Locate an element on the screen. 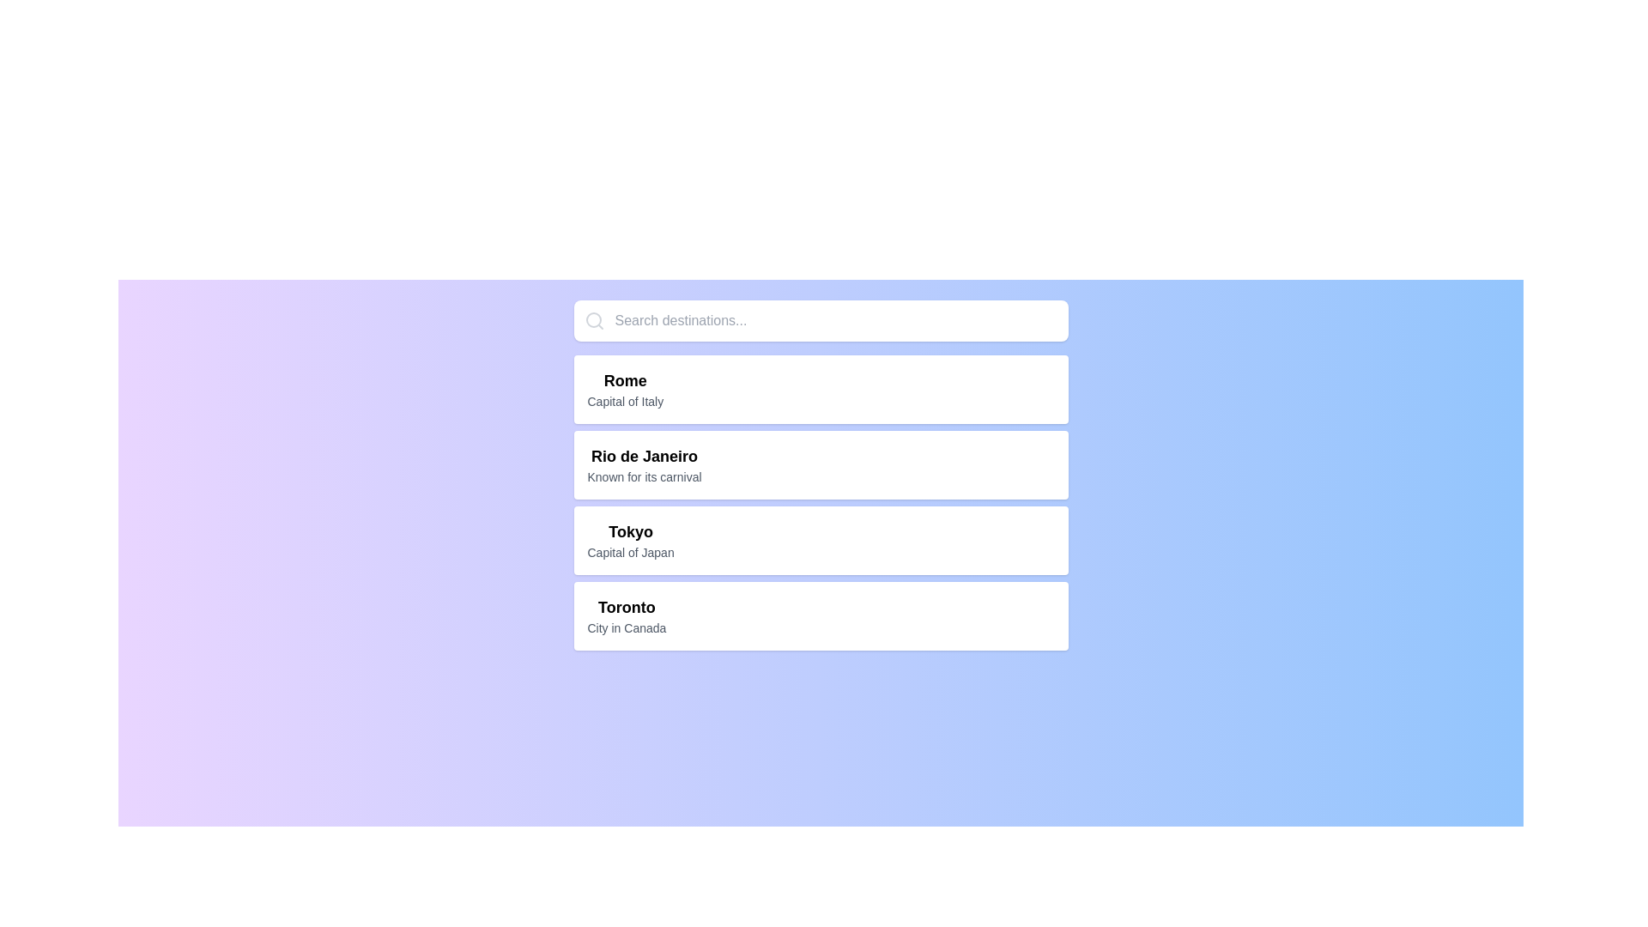 This screenshot has width=1648, height=927. the SVG circle that is part of the magnifying glass icon located near the upper left edge of the search bar, slightly to the left of the placeholder text 'Search destinations...' is located at coordinates (593, 320).